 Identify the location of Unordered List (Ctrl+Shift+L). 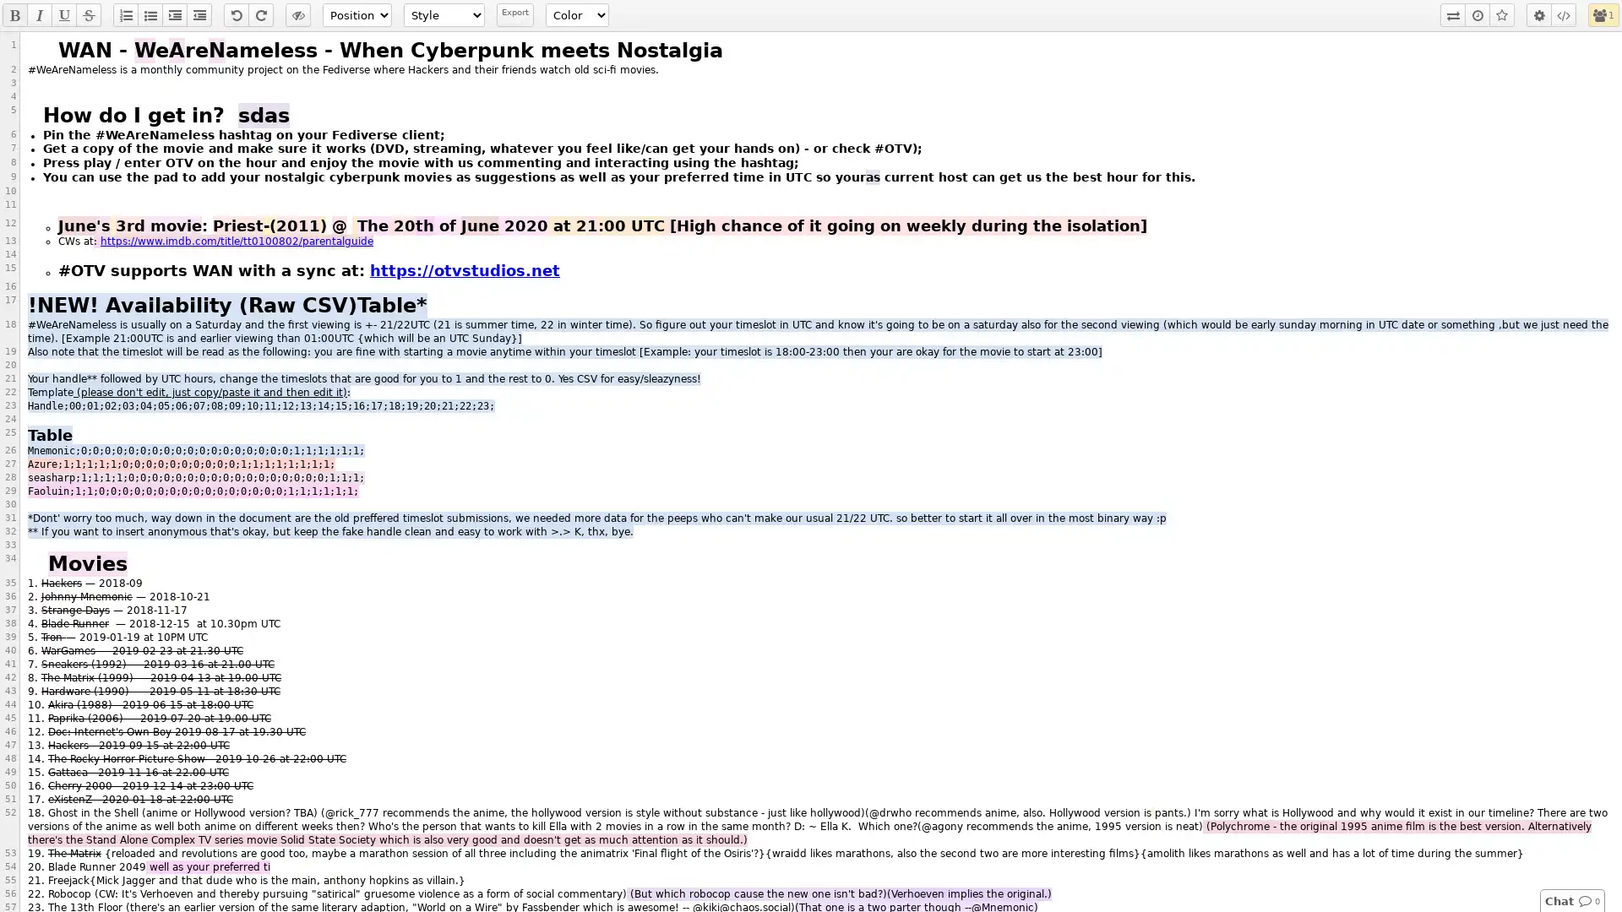
(150, 15).